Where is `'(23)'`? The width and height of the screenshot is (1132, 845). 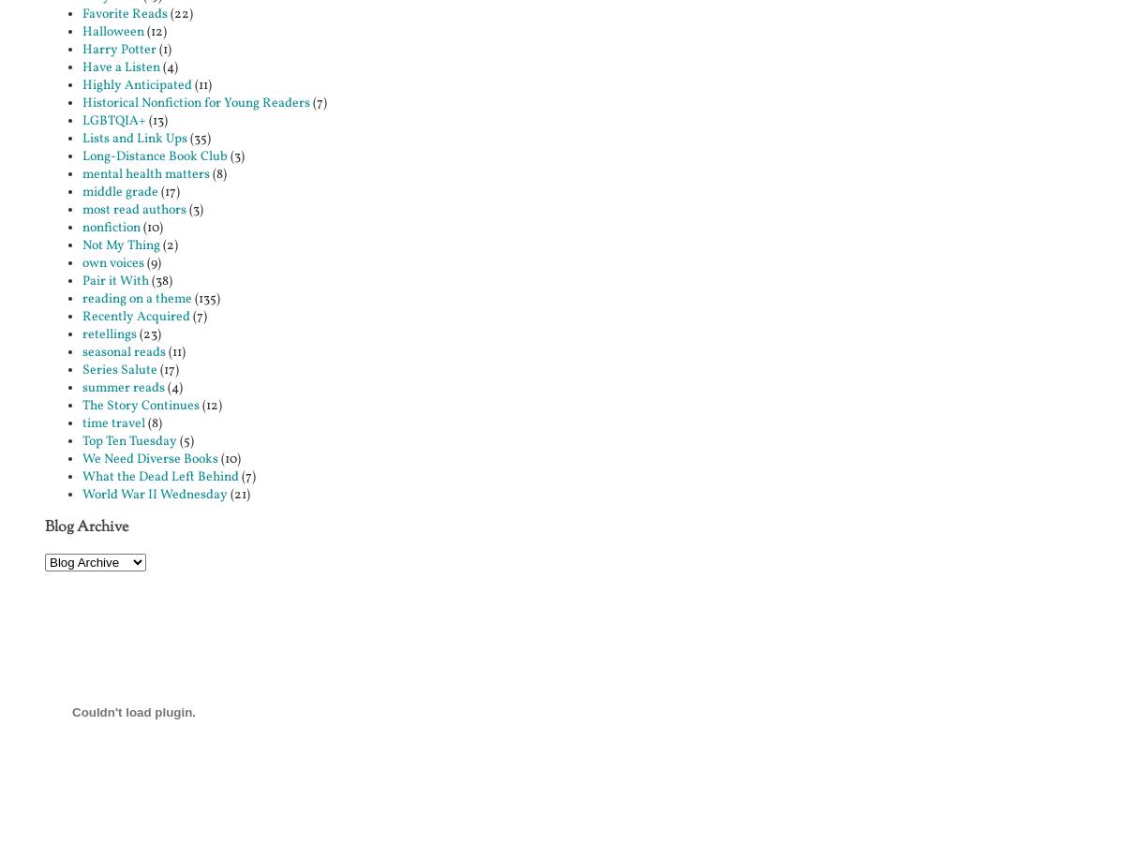
'(23)' is located at coordinates (150, 333).